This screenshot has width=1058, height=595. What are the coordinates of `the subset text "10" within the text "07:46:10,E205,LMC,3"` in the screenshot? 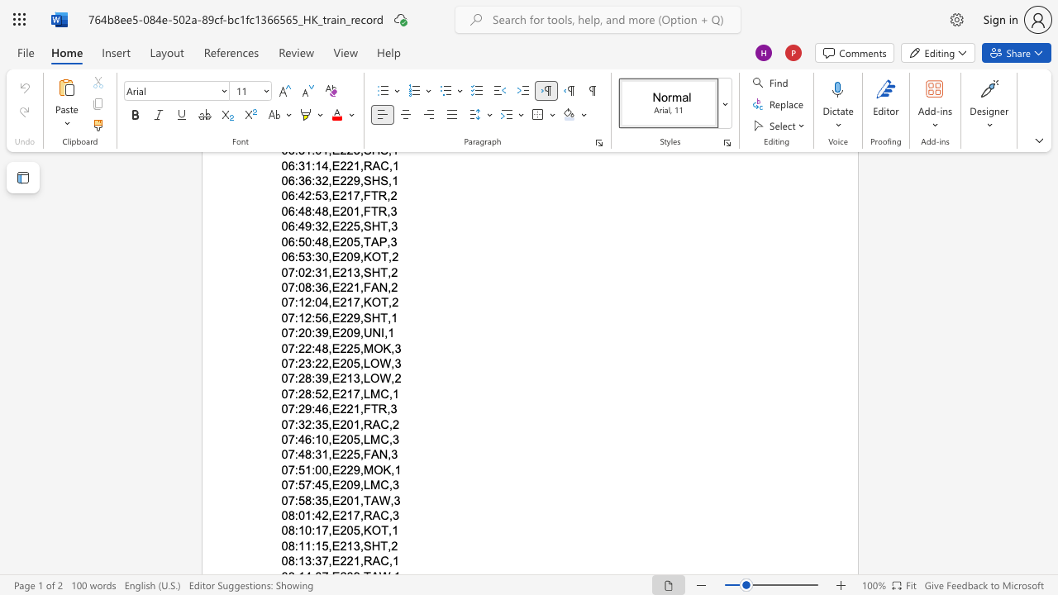 It's located at (315, 438).